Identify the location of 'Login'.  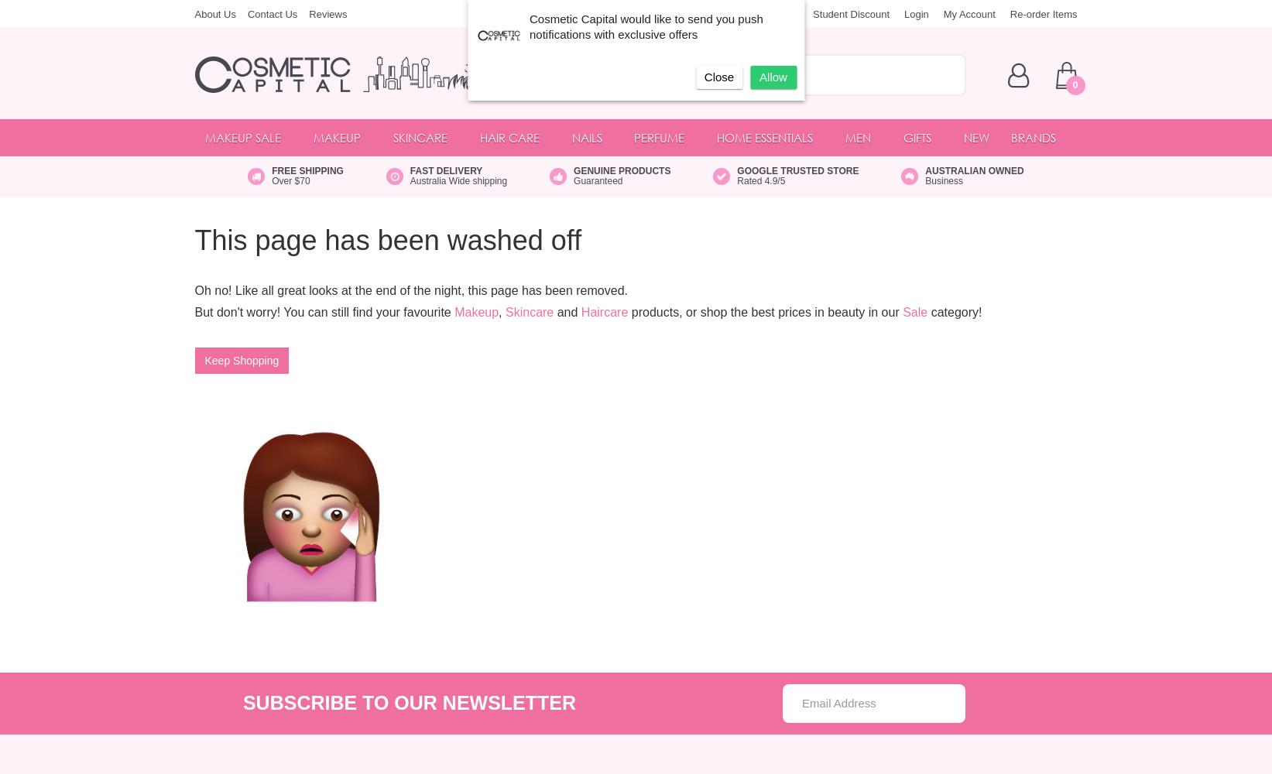
(916, 14).